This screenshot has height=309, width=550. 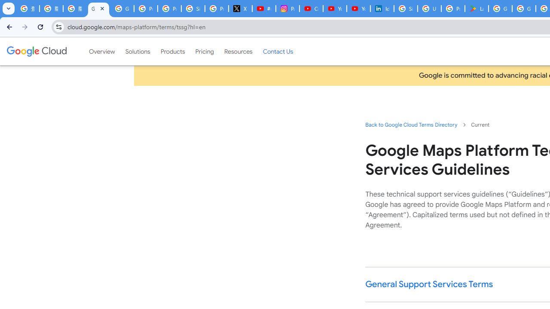 I want to click on 'X', so click(x=241, y=9).